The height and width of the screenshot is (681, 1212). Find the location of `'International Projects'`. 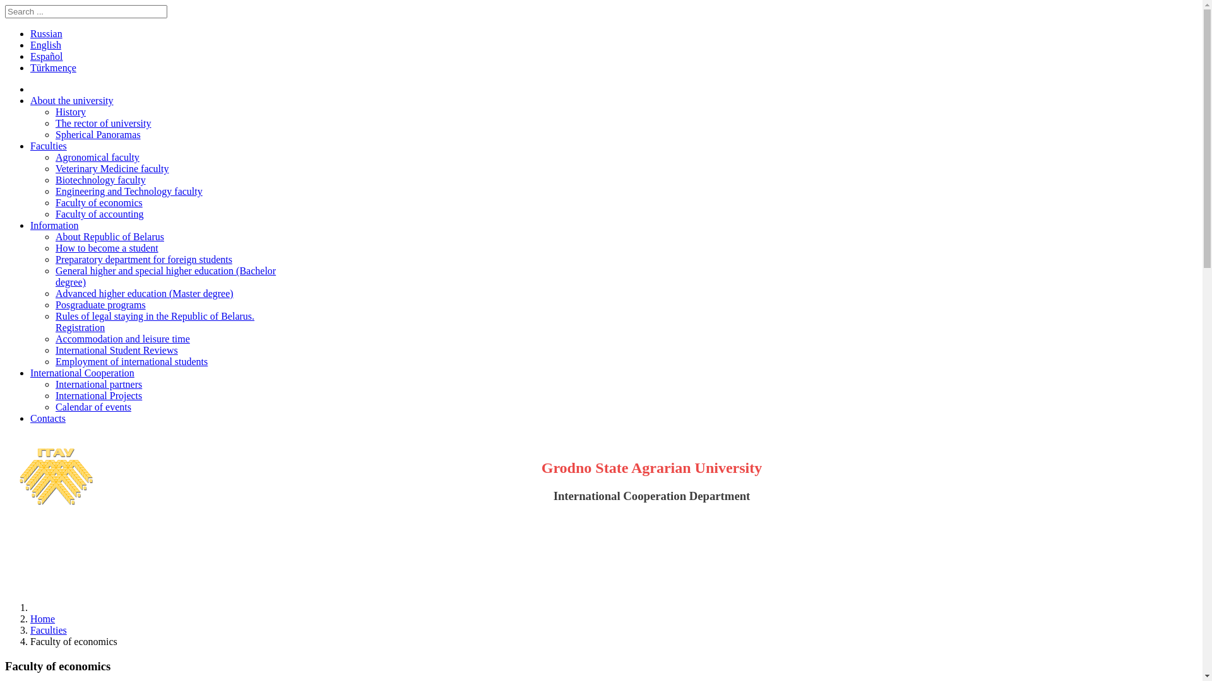

'International Projects' is located at coordinates (98, 395).